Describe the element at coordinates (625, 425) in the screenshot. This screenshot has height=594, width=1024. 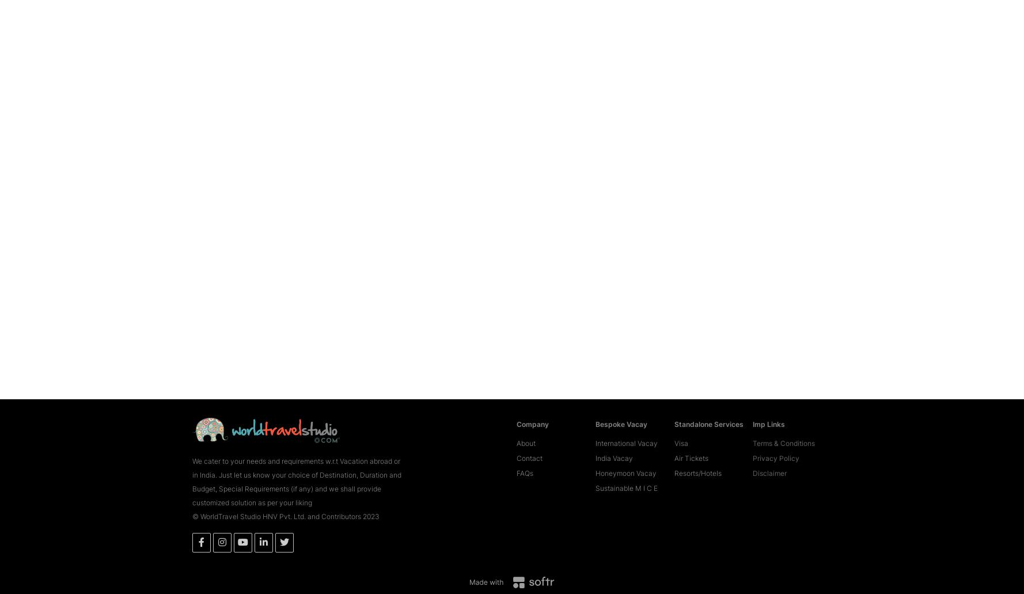
I see `'International Vacay'` at that location.